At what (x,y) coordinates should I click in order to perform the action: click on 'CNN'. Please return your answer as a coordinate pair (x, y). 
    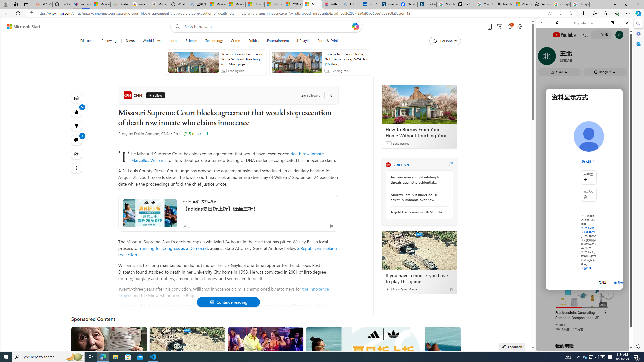
    Looking at the image, I should click on (388, 164).